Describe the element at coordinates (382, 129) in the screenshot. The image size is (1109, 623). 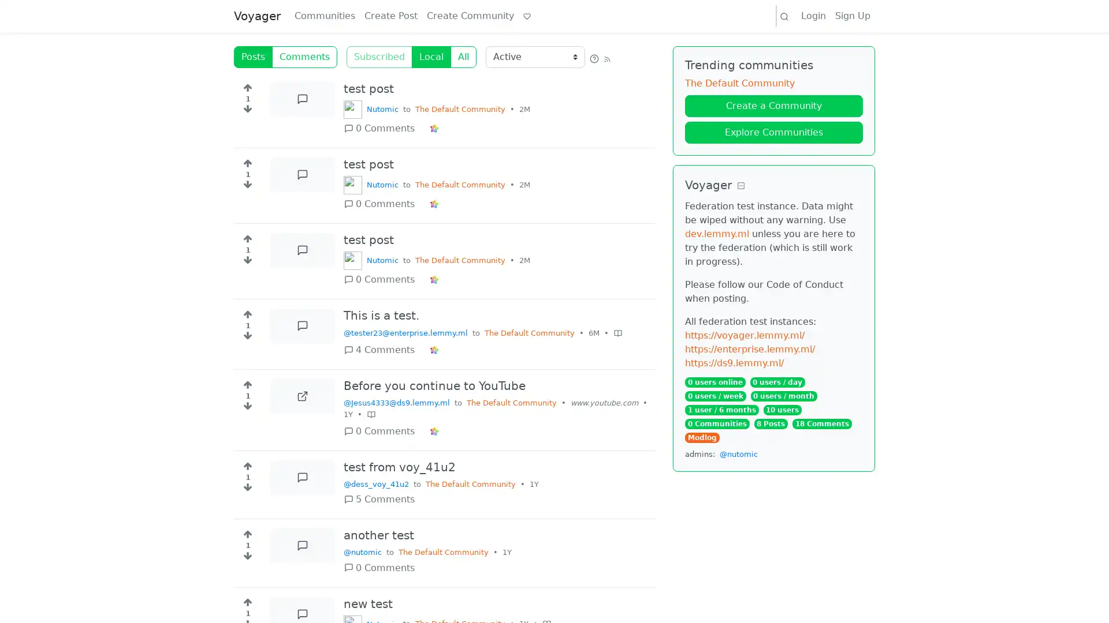
I see `0 Comments` at that location.